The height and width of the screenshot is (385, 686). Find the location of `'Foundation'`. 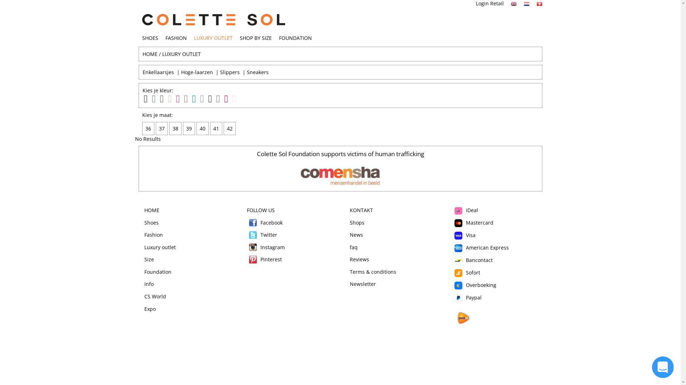

'Foundation' is located at coordinates (157, 272).